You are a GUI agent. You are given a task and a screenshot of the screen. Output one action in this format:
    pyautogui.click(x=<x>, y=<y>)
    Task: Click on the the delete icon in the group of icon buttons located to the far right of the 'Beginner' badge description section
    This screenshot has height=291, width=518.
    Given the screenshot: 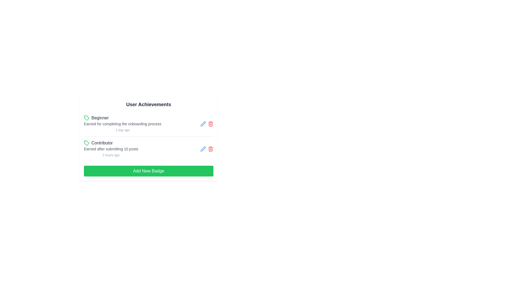 What is the action you would take?
    pyautogui.click(x=207, y=124)
    